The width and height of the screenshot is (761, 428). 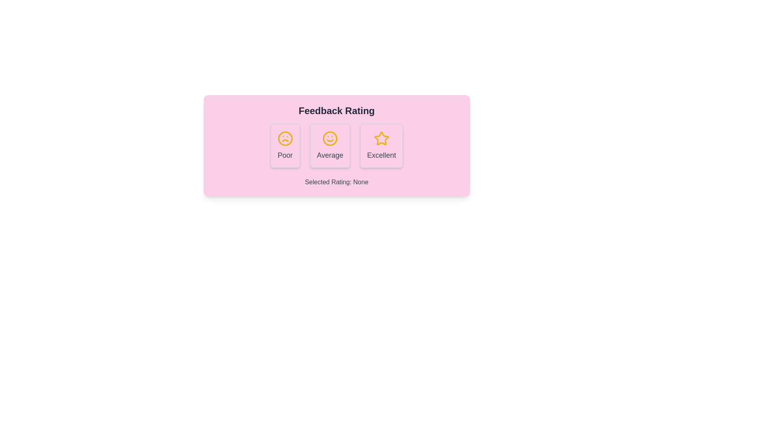 I want to click on the 'Average' feedback button, which is the middle button in the pink box labeled 'Feedback Rating.', so click(x=337, y=145).